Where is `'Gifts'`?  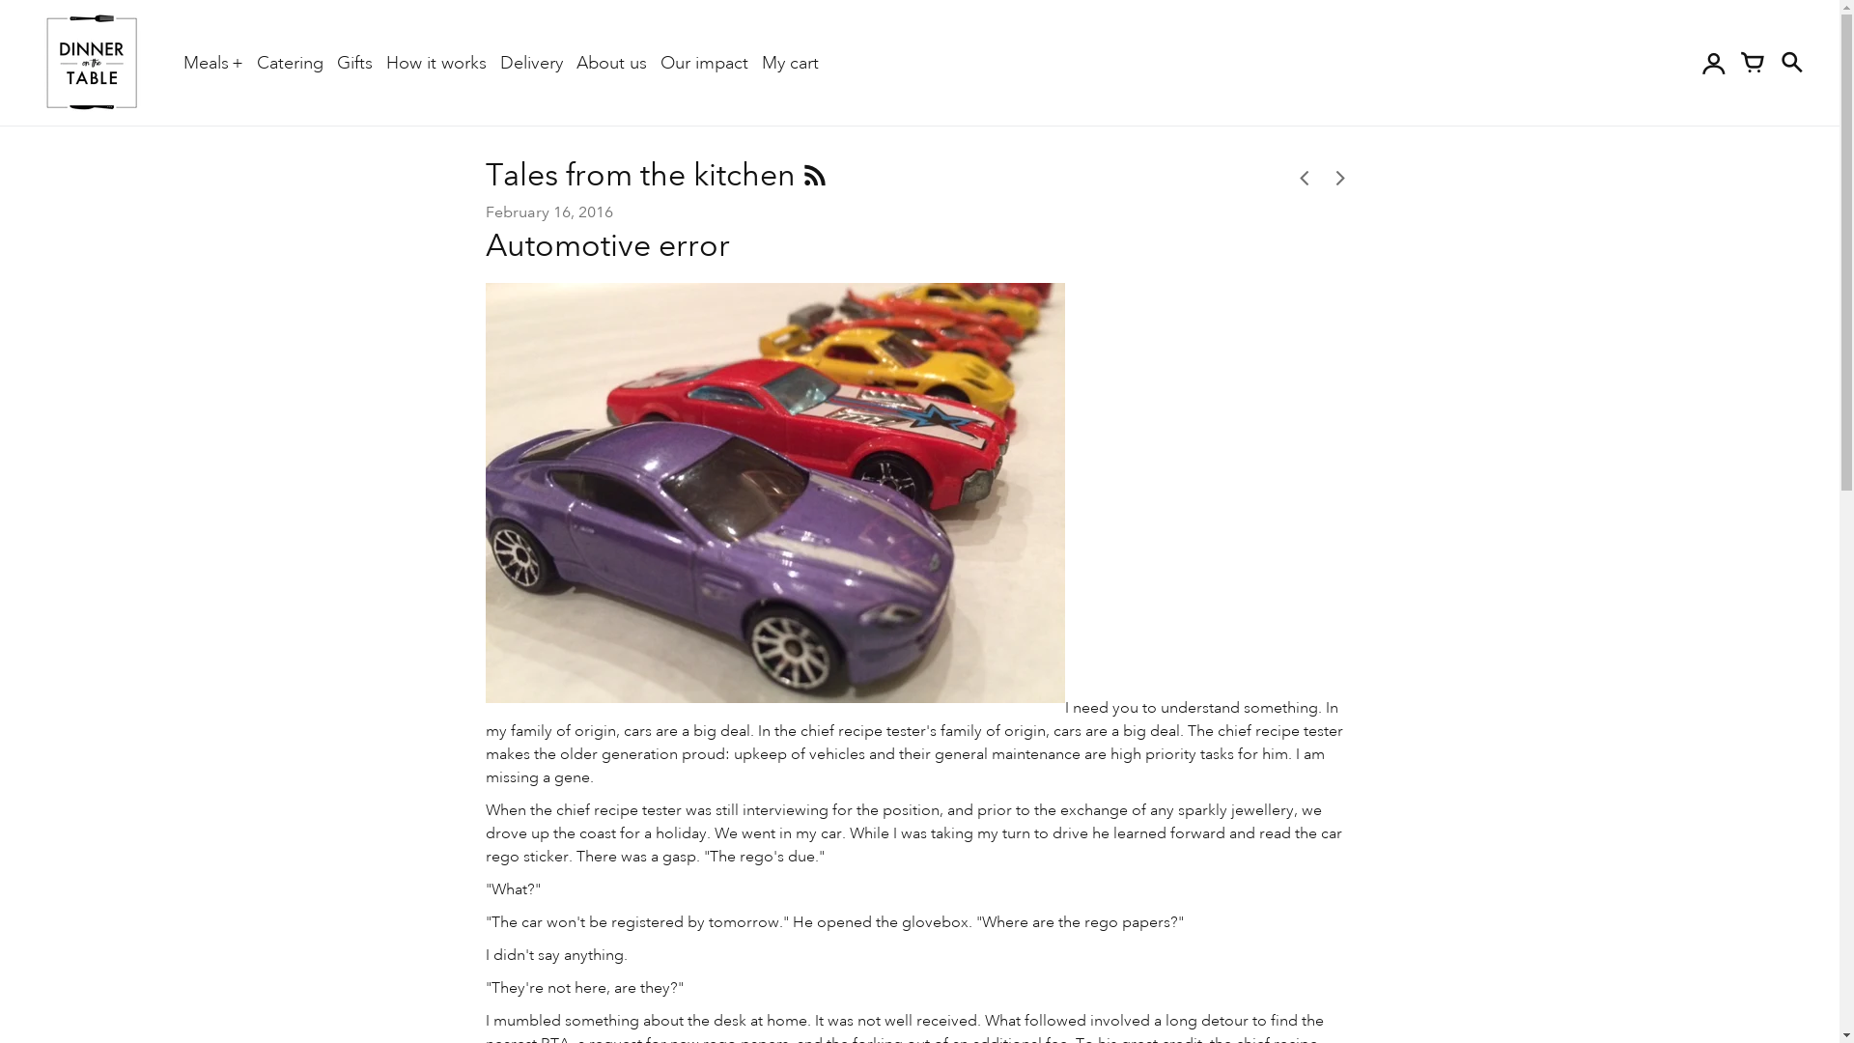
'Gifts' is located at coordinates (354, 61).